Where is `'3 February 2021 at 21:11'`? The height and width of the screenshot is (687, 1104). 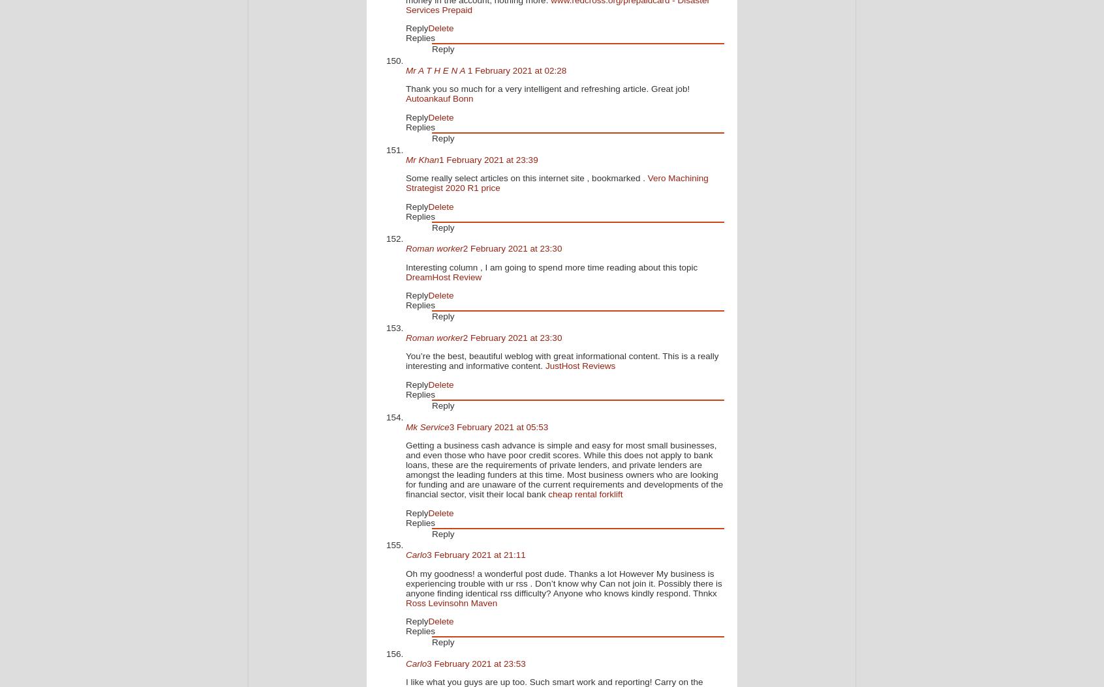 '3 February 2021 at 21:11' is located at coordinates (475, 555).